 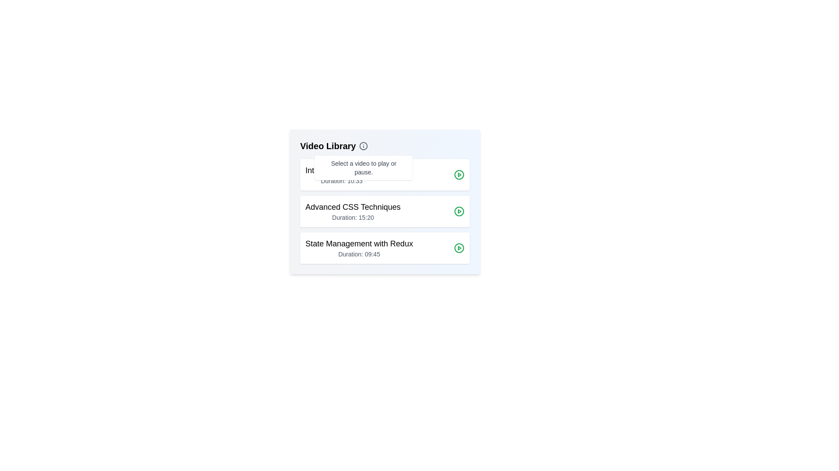 I want to click on the Informational block titled 'Introduction to React' which displays the subtitle 'Duration: 10:33', so click(x=341, y=175).